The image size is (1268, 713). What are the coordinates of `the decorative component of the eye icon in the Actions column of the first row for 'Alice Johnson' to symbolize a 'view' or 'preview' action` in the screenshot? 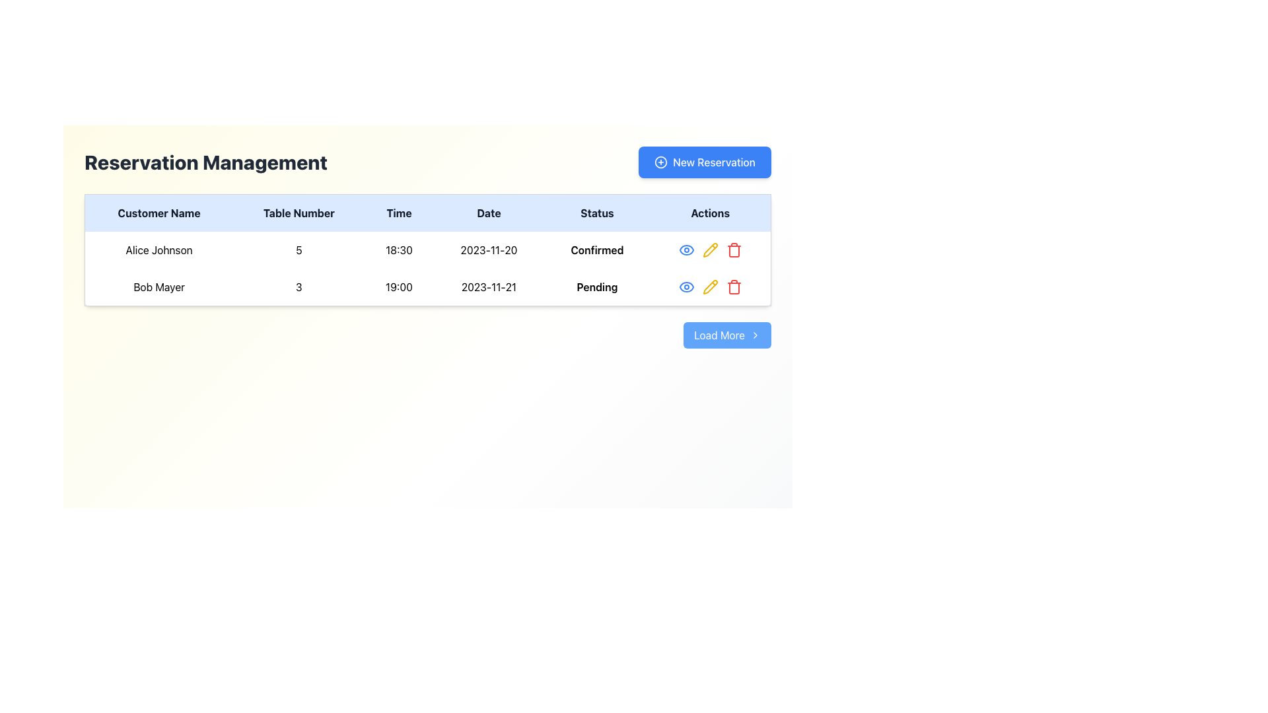 It's located at (686, 287).